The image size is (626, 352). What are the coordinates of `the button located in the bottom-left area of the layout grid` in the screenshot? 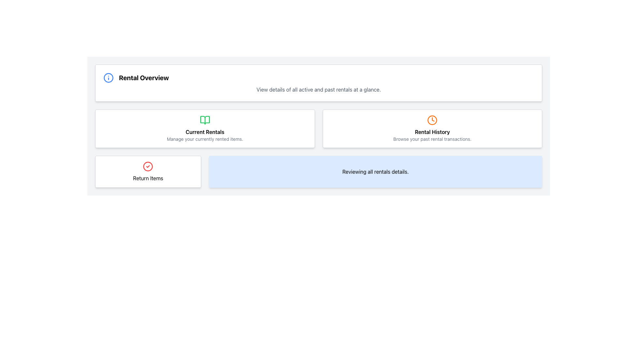 It's located at (148, 171).